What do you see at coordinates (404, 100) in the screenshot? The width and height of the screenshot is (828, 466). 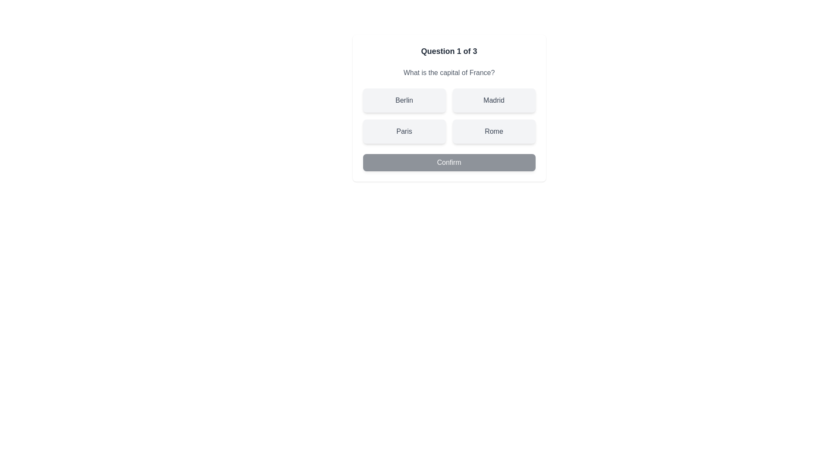 I see `the quiz option Berlin by clicking on it` at bounding box center [404, 100].